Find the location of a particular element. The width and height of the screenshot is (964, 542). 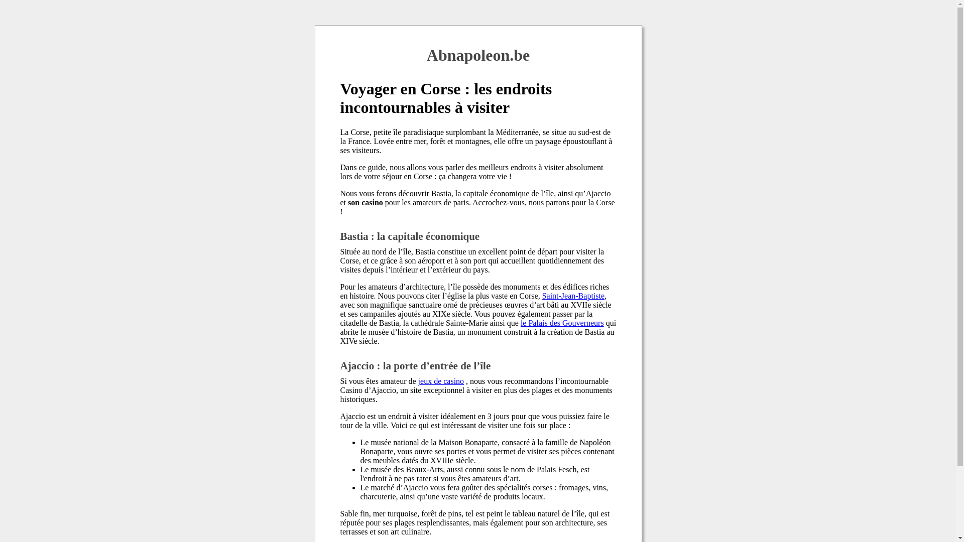

'Saint-Jean-Baptiste' is located at coordinates (573, 295).